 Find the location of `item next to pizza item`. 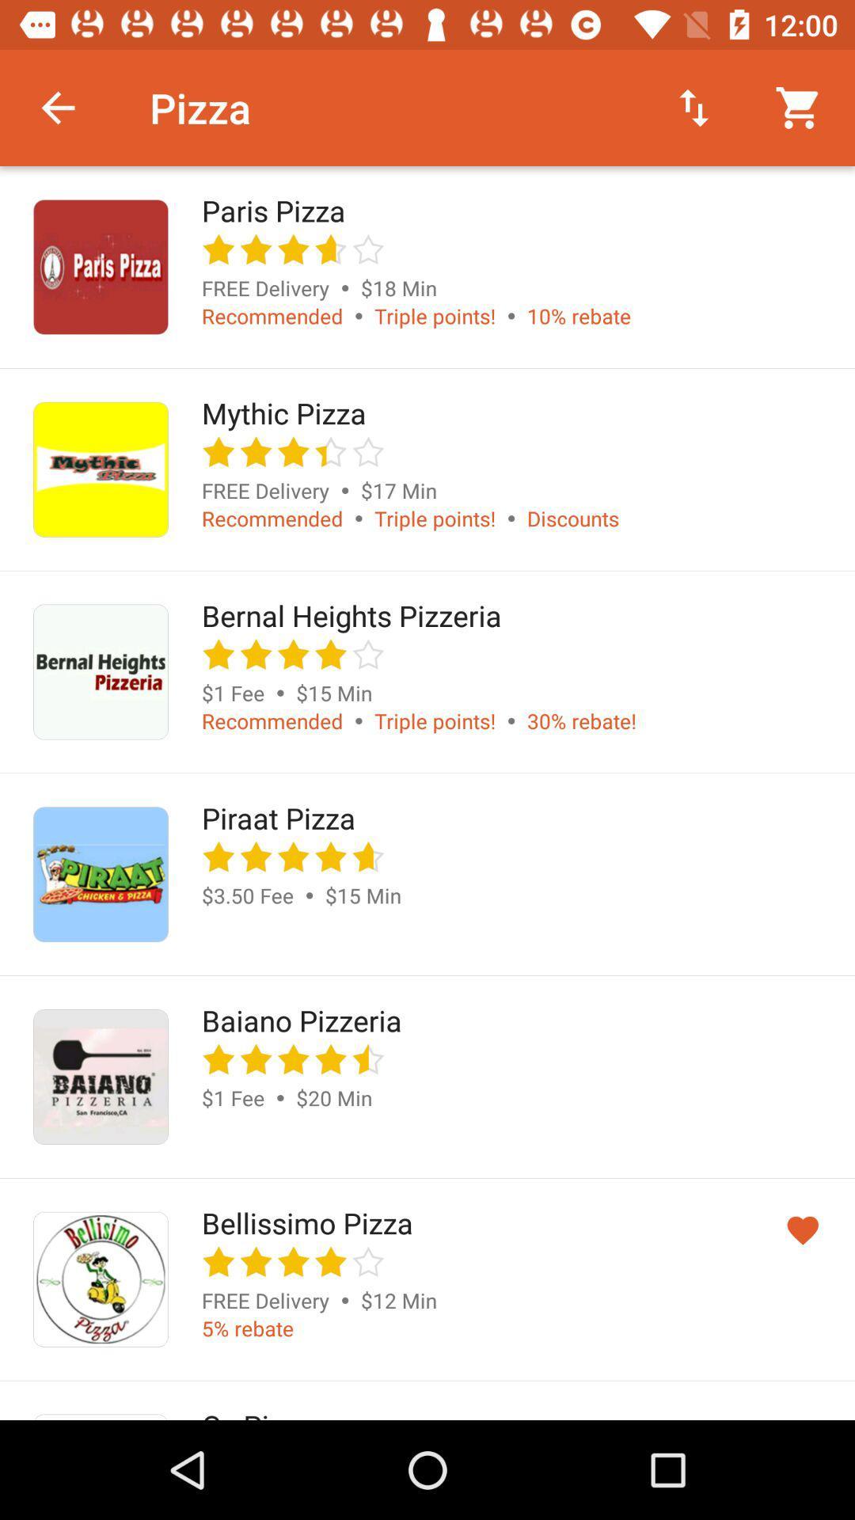

item next to pizza item is located at coordinates (693, 107).